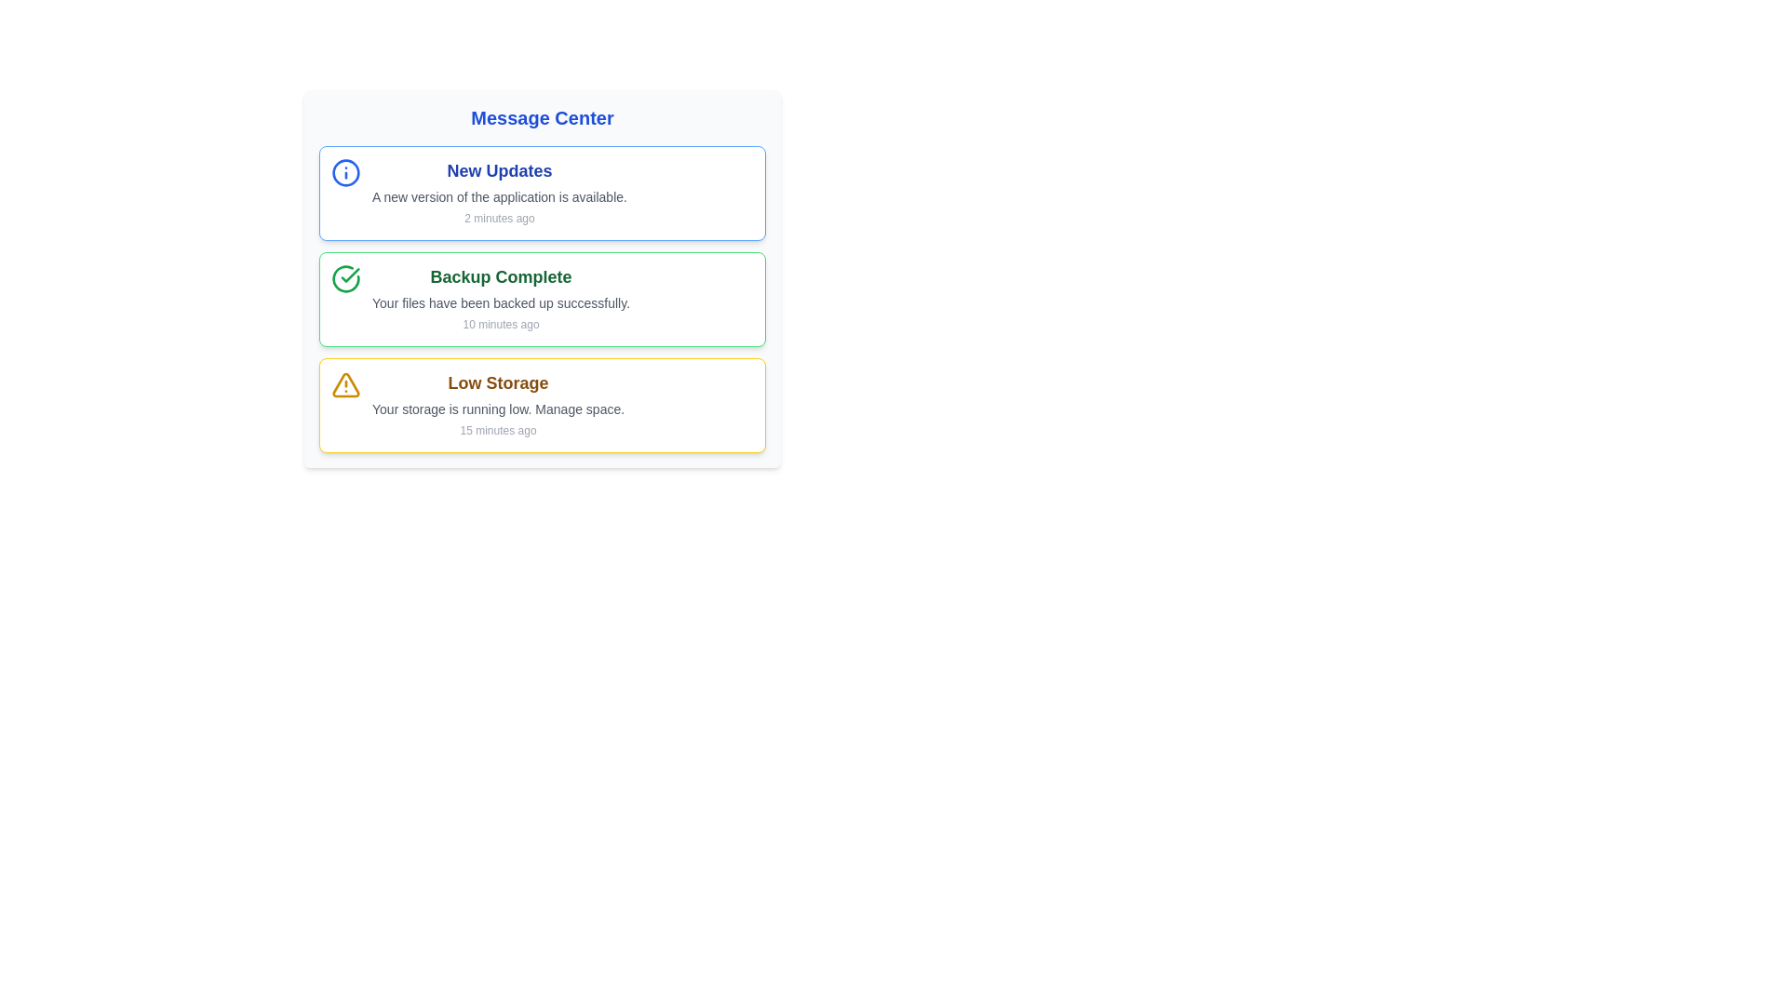 This screenshot has height=1005, width=1787. What do you see at coordinates (500, 194) in the screenshot?
I see `the Notification block that contains a bold blue header saying 'New Updates' and is positioned beneath the header 'Message Center'` at bounding box center [500, 194].